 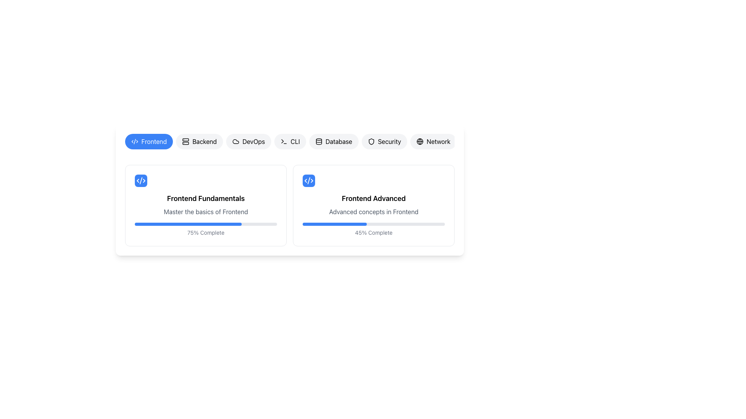 What do you see at coordinates (371, 142) in the screenshot?
I see `the 'Security' button by interacting with the shield icon located at the leftmost side of the button in the navigation menu` at bounding box center [371, 142].